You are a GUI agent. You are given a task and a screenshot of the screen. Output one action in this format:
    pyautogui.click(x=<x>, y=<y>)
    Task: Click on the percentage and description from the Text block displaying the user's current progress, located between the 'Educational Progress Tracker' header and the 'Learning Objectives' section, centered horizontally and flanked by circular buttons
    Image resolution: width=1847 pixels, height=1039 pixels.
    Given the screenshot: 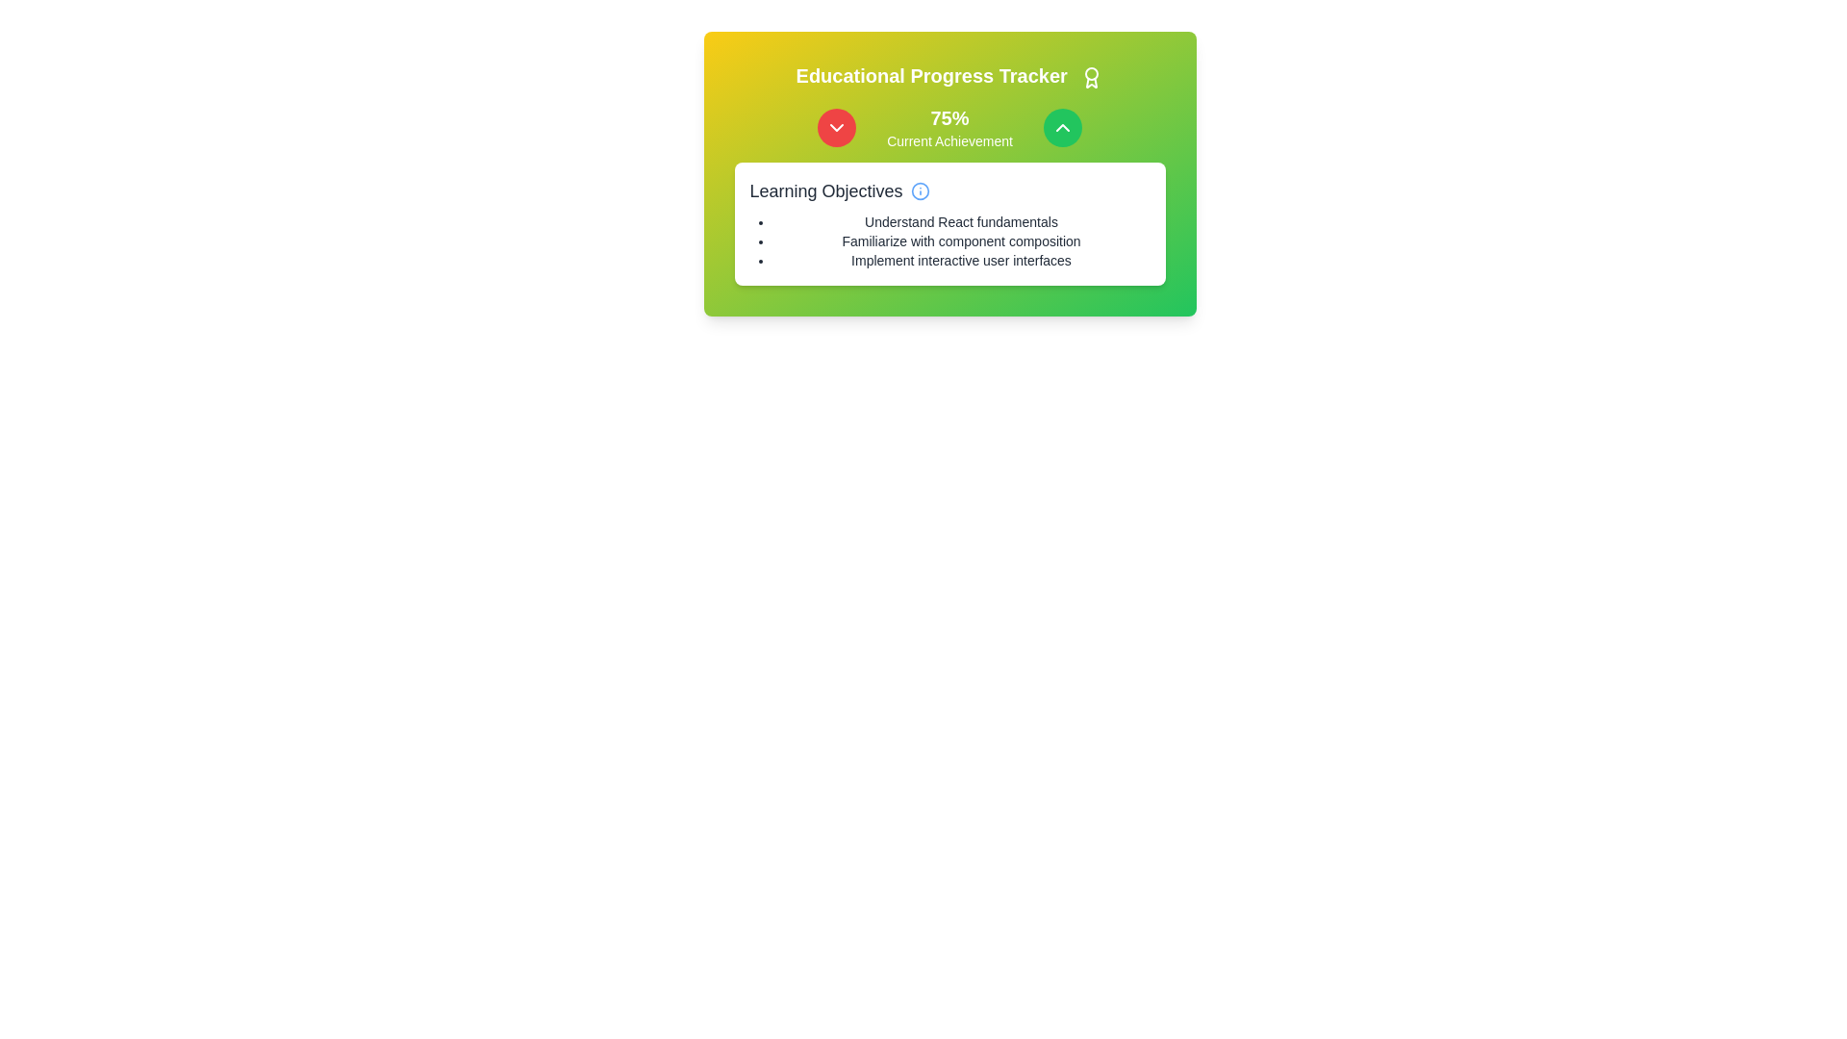 What is the action you would take?
    pyautogui.click(x=949, y=127)
    